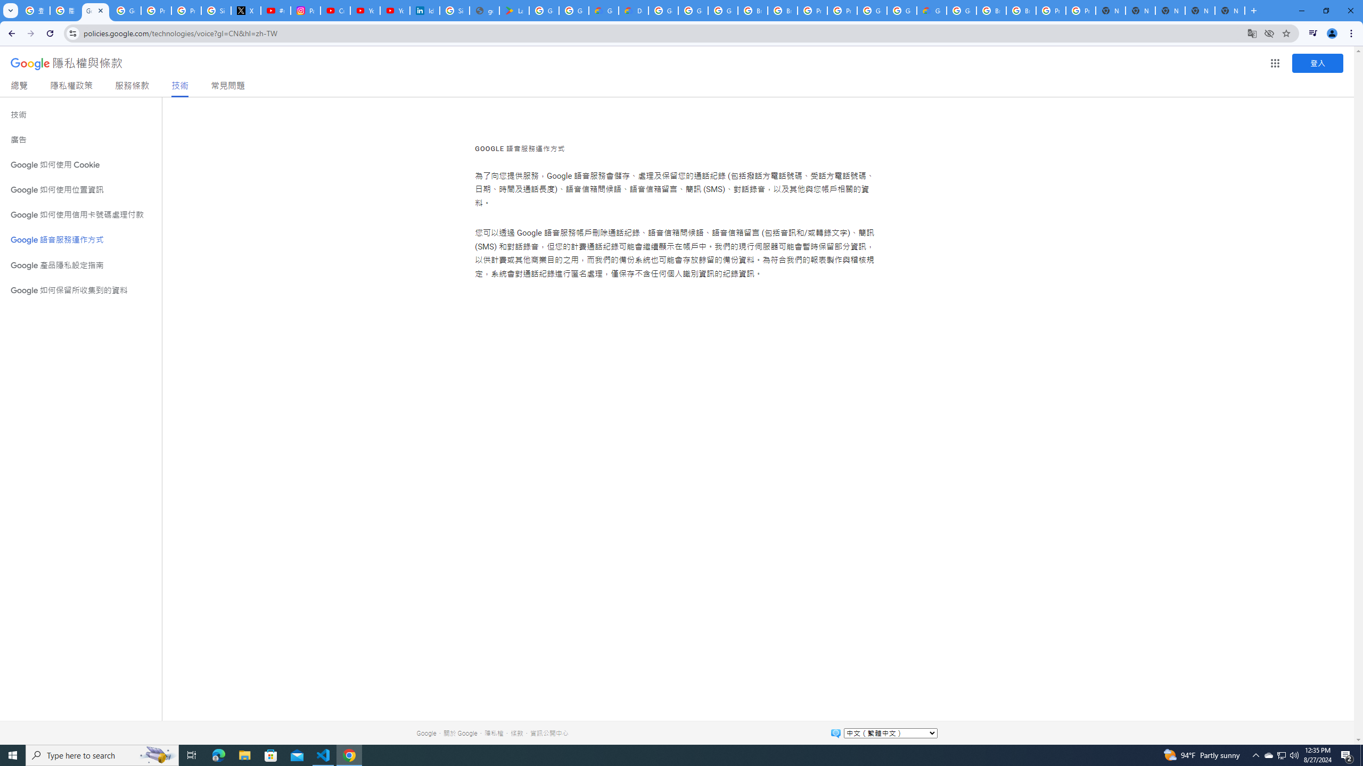 The height and width of the screenshot is (766, 1363). Describe the element at coordinates (574, 10) in the screenshot. I see `'Google Workspace - Specific Terms'` at that location.